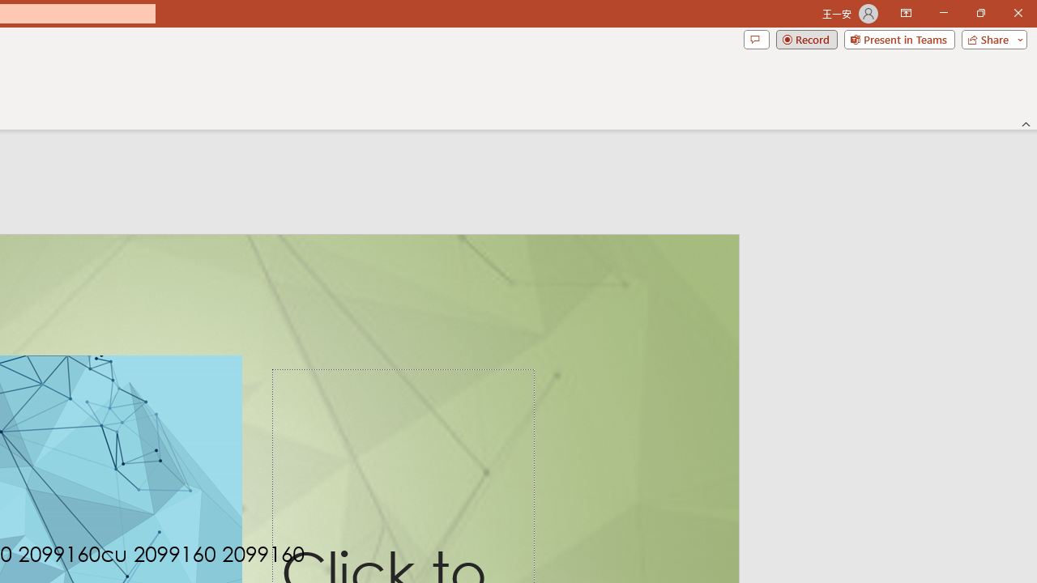 The image size is (1037, 583). What do you see at coordinates (990, 38) in the screenshot?
I see `'Share'` at bounding box center [990, 38].